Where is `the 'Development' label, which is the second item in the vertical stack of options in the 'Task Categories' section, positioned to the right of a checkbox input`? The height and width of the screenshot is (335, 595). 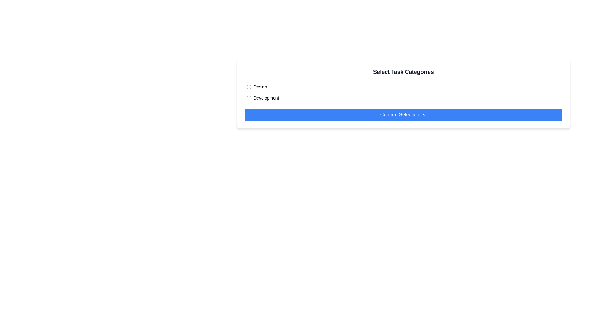 the 'Development' label, which is the second item in the vertical stack of options in the 'Task Categories' section, positioned to the right of a checkbox input is located at coordinates (266, 98).